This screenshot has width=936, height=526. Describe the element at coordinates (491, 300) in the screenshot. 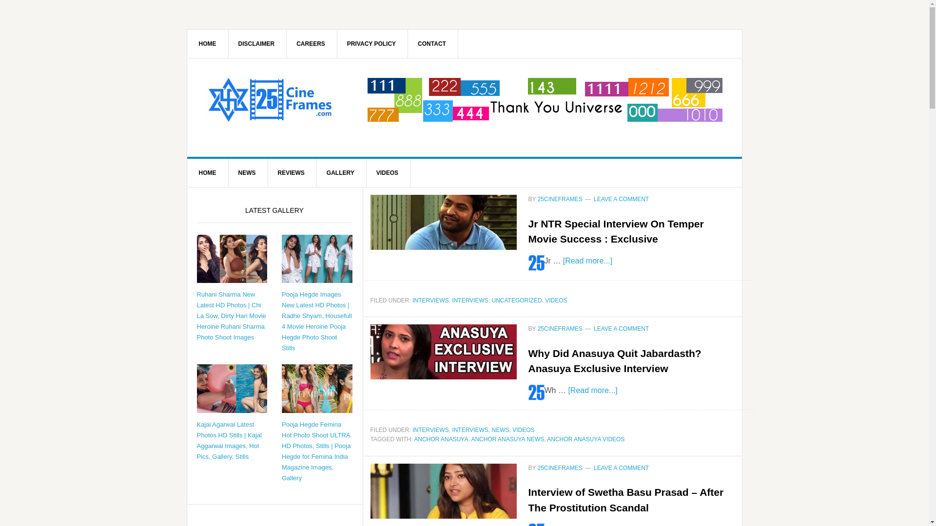

I see `'UNCATEGORIZED'` at that location.